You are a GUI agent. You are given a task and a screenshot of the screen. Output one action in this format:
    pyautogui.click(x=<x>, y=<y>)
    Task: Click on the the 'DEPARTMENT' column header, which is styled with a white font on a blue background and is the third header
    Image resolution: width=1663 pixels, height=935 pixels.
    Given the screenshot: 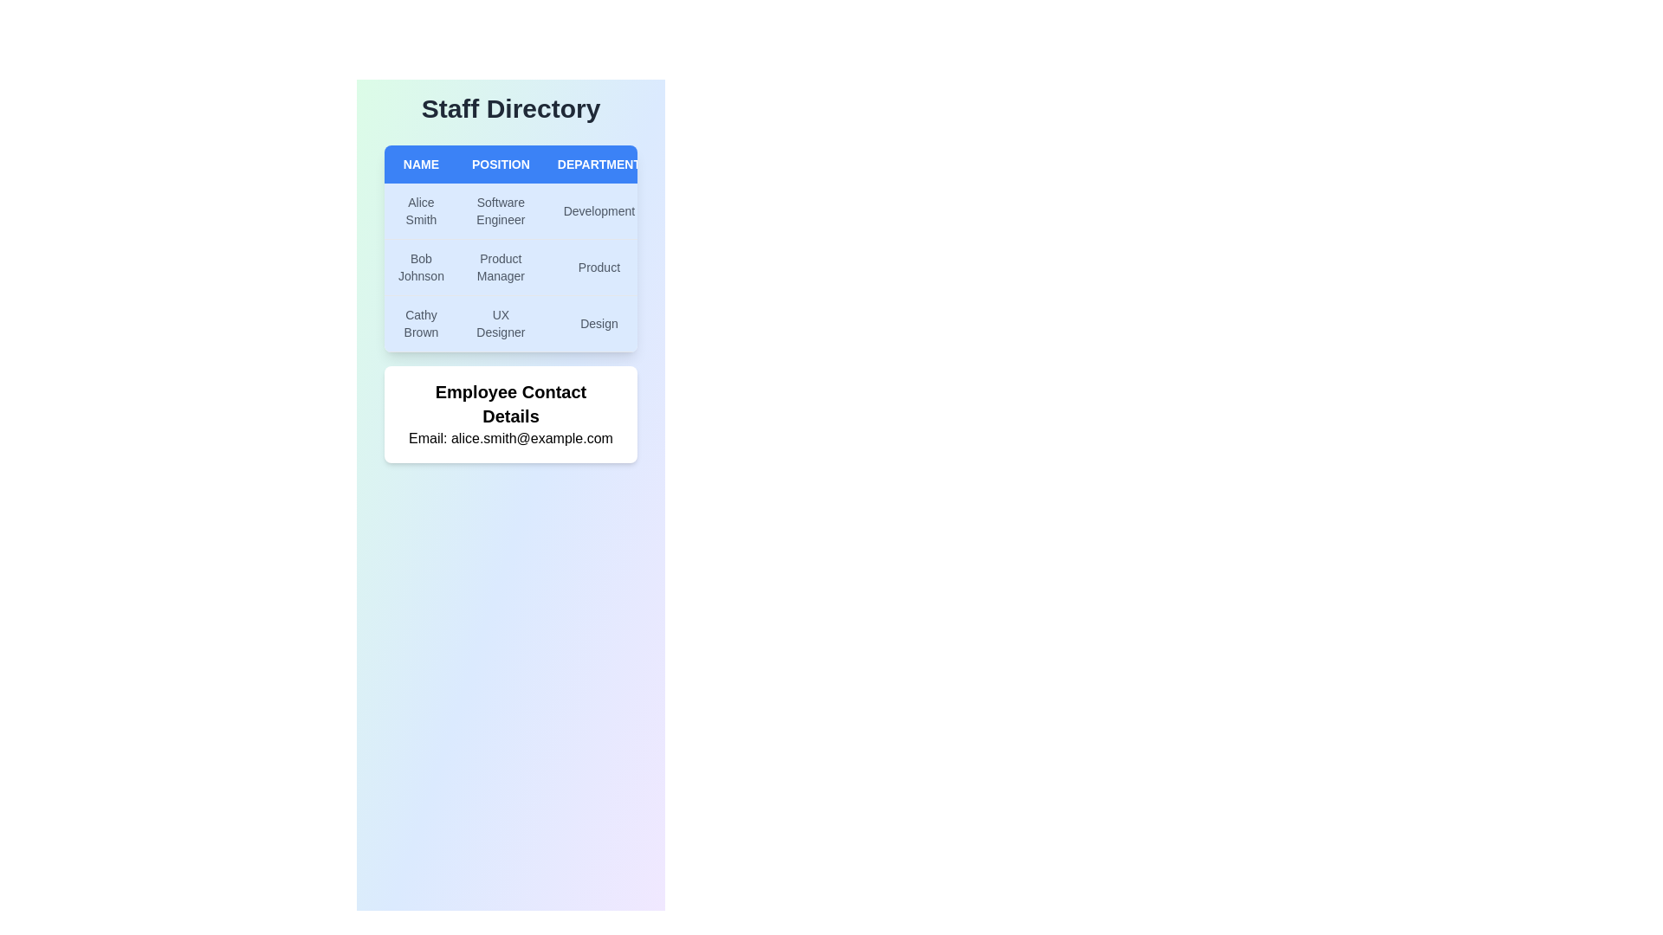 What is the action you would take?
    pyautogui.click(x=599, y=164)
    